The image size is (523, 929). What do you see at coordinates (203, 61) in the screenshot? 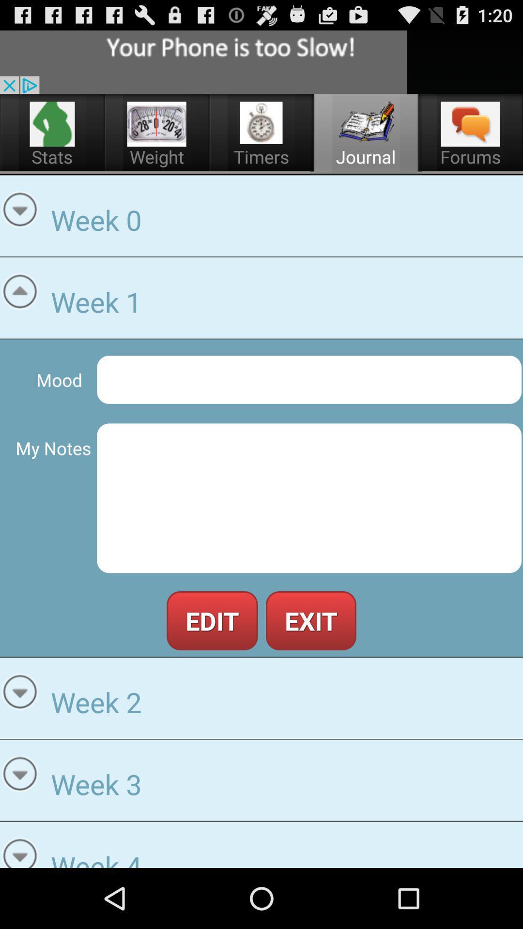
I see `advertisement` at bounding box center [203, 61].